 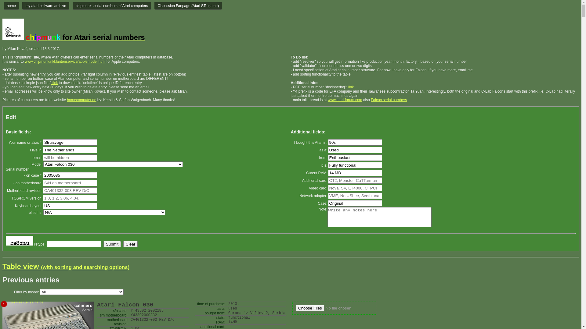 What do you see at coordinates (54, 83) in the screenshot?
I see `'click'` at bounding box center [54, 83].